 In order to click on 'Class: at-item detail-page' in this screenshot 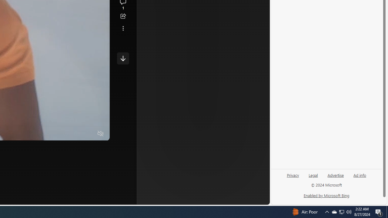, I will do `click(123, 28)`.